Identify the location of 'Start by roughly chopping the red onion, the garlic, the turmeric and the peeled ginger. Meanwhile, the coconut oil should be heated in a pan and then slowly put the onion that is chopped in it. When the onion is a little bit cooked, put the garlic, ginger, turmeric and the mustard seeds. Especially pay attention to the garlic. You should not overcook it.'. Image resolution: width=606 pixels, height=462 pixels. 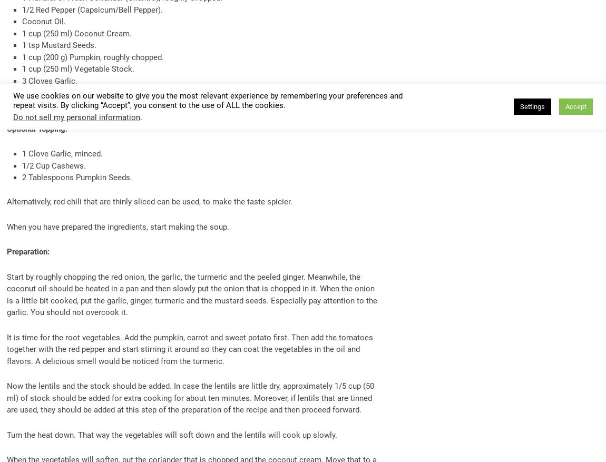
(192, 294).